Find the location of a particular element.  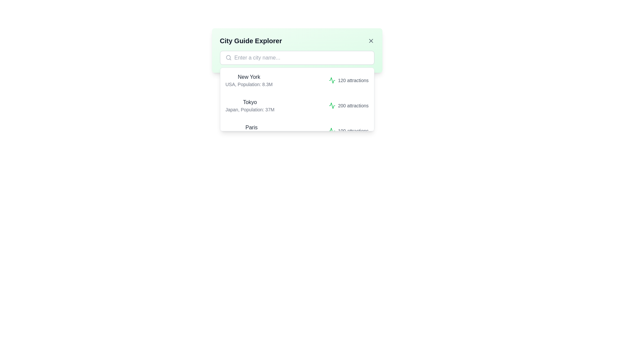

the SVG icon that visually indicates the count of '100 attractions' in the row aligned with 'Paris', located before the text-based information is located at coordinates (332, 131).